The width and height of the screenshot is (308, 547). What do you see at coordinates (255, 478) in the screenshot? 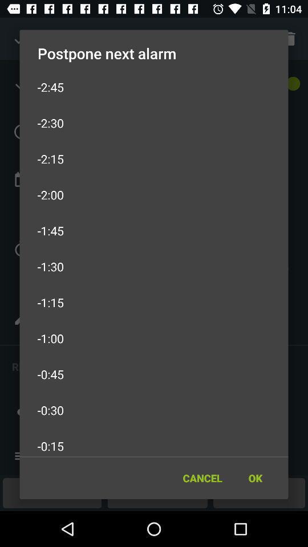
I see `item at the bottom right corner` at bounding box center [255, 478].